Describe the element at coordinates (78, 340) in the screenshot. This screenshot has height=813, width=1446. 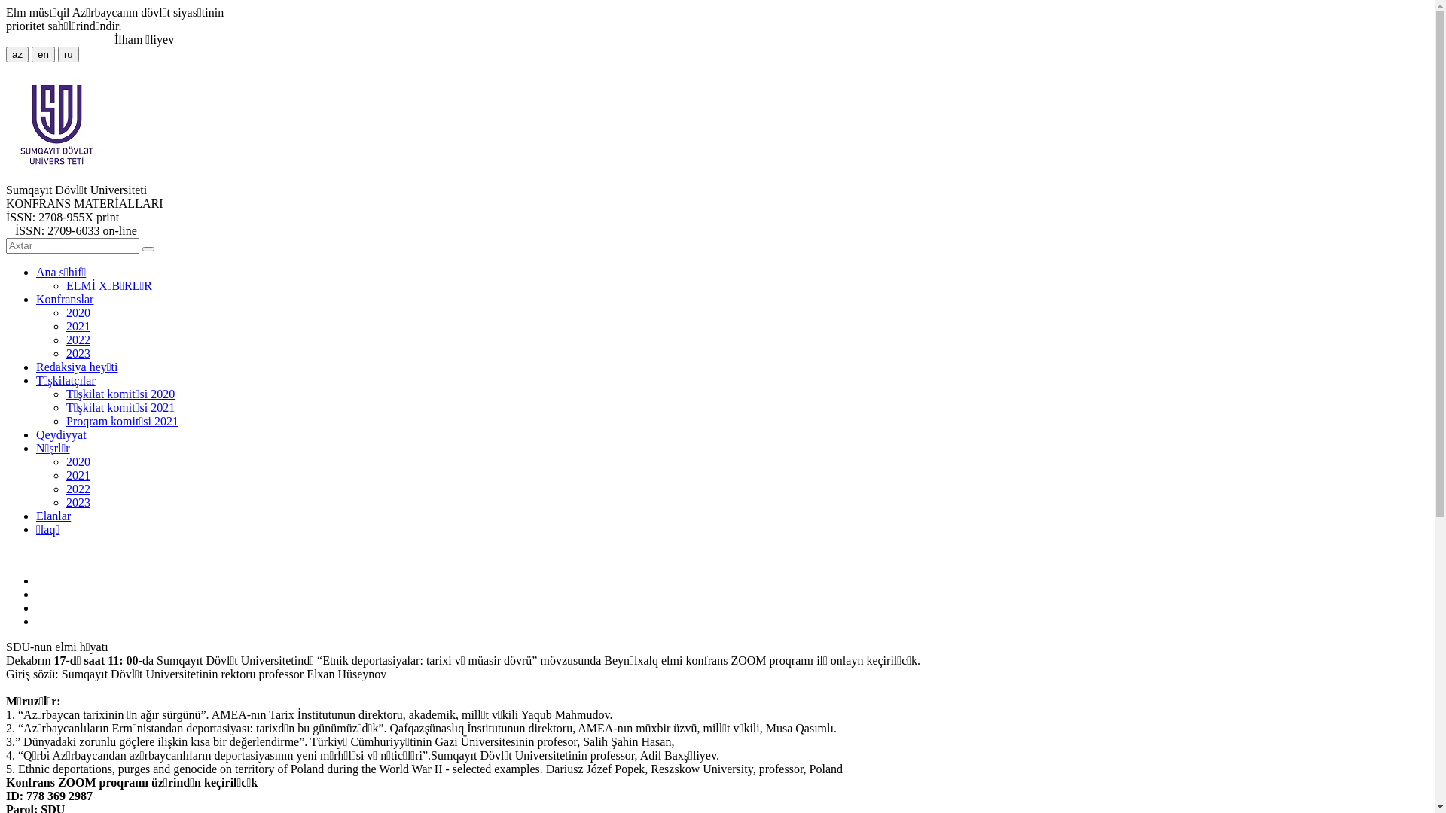
I see `'2022'` at that location.